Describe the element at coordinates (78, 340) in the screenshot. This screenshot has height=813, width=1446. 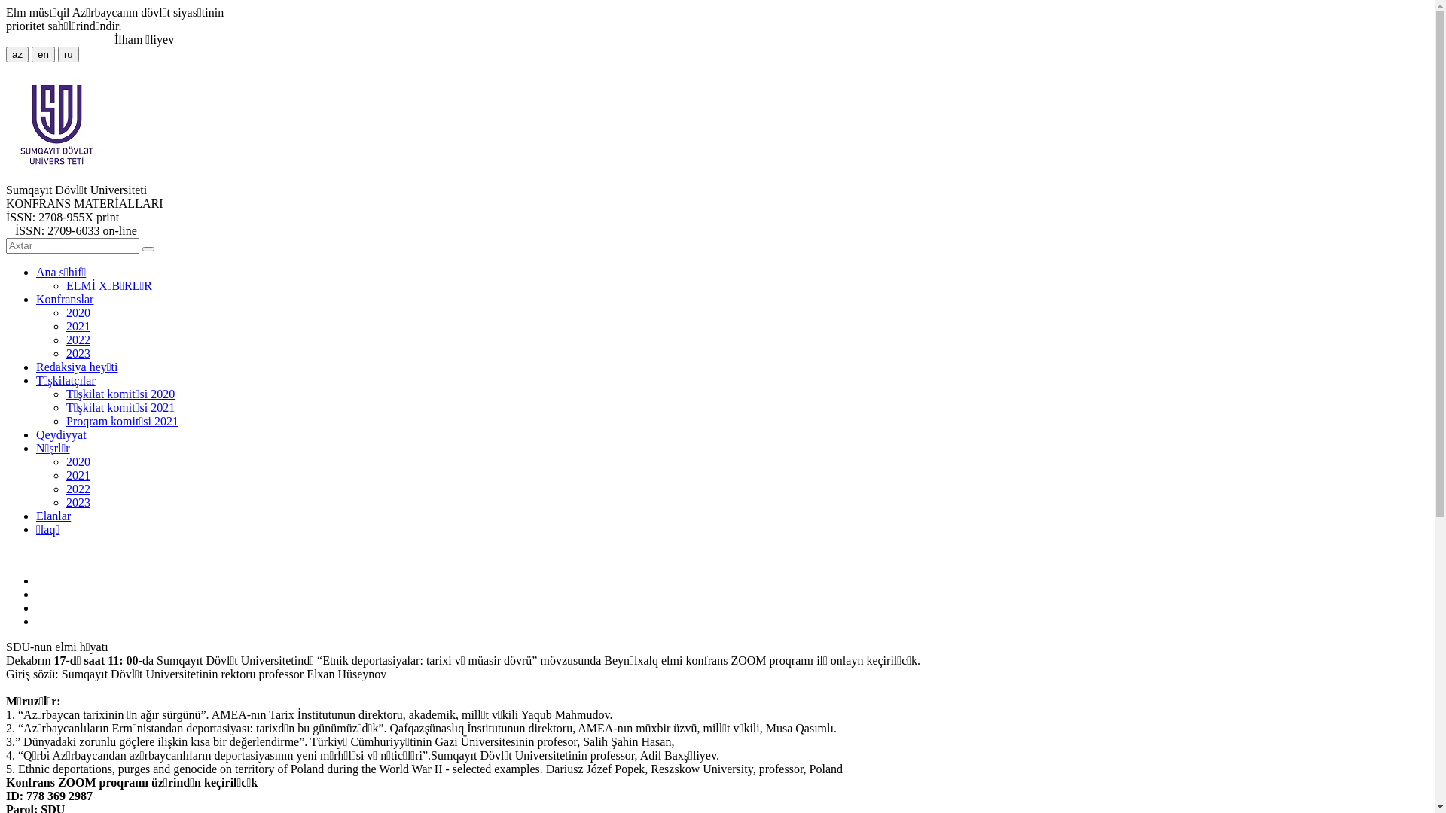
I see `'2022'` at that location.